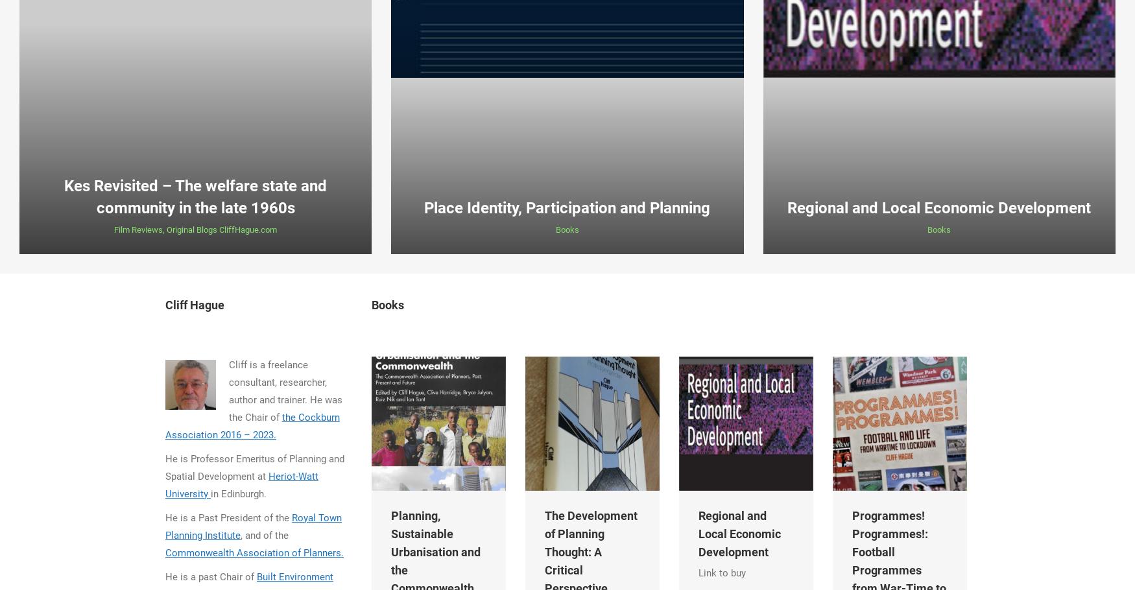 The height and width of the screenshot is (590, 1135). What do you see at coordinates (195, 196) in the screenshot?
I see `'Kes Revisited – The welfare state and community in the late 1960s'` at bounding box center [195, 196].